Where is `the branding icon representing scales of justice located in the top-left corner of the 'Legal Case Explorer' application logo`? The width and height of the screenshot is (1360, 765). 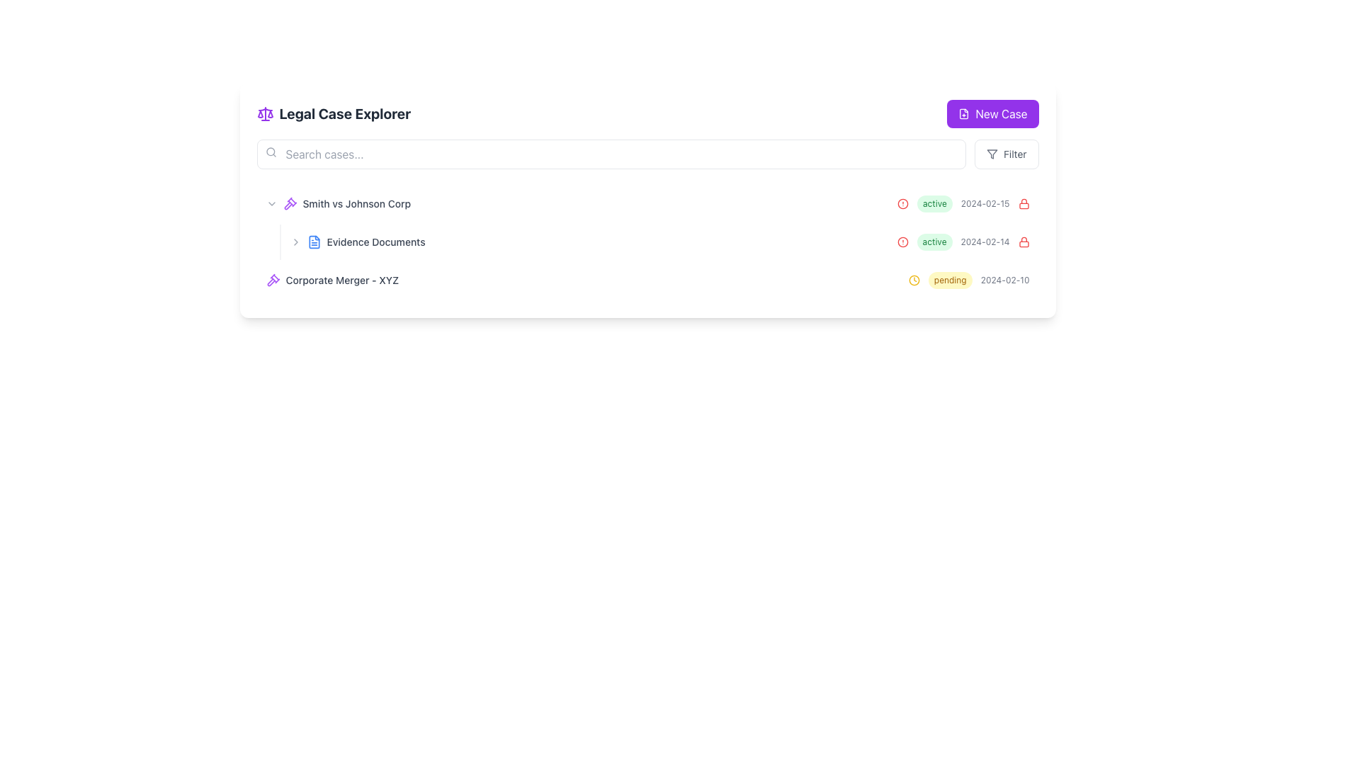
the branding icon representing scales of justice located in the top-left corner of the 'Legal Case Explorer' application logo is located at coordinates (260, 113).